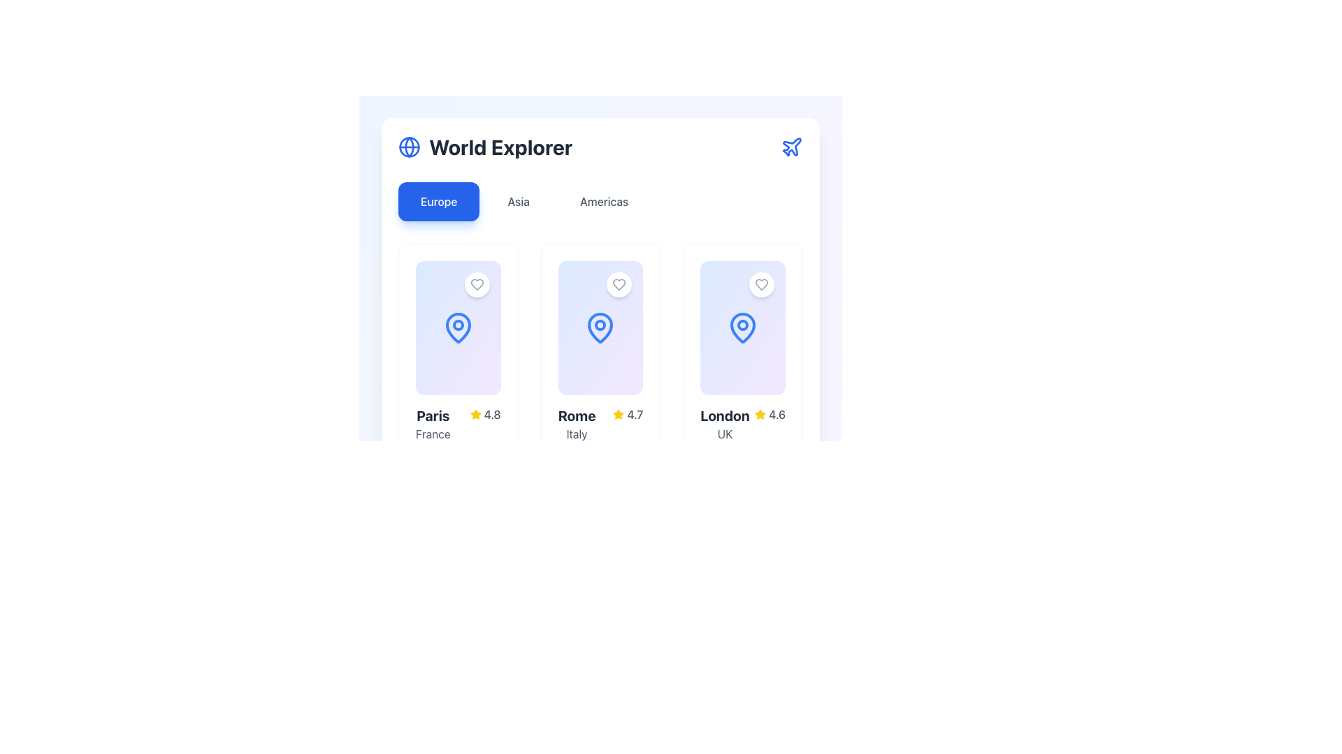 This screenshot has width=1342, height=754. Describe the element at coordinates (725, 433) in the screenshot. I see `the text label indicating the country for the city 'London', located in the third card under the 'Europe' tab` at that location.